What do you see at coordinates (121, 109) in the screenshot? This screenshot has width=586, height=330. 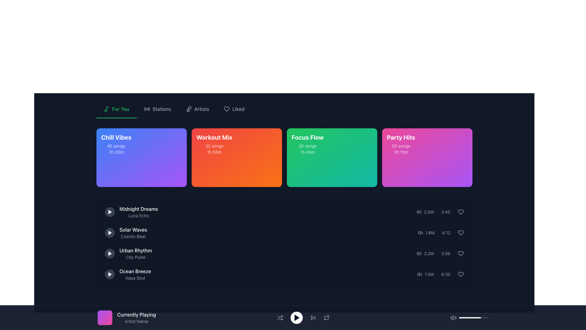 I see `the 'For You' text label in the horizontal navigation bar, which is the second item from the left and is adjacent to a musical note icon` at bounding box center [121, 109].